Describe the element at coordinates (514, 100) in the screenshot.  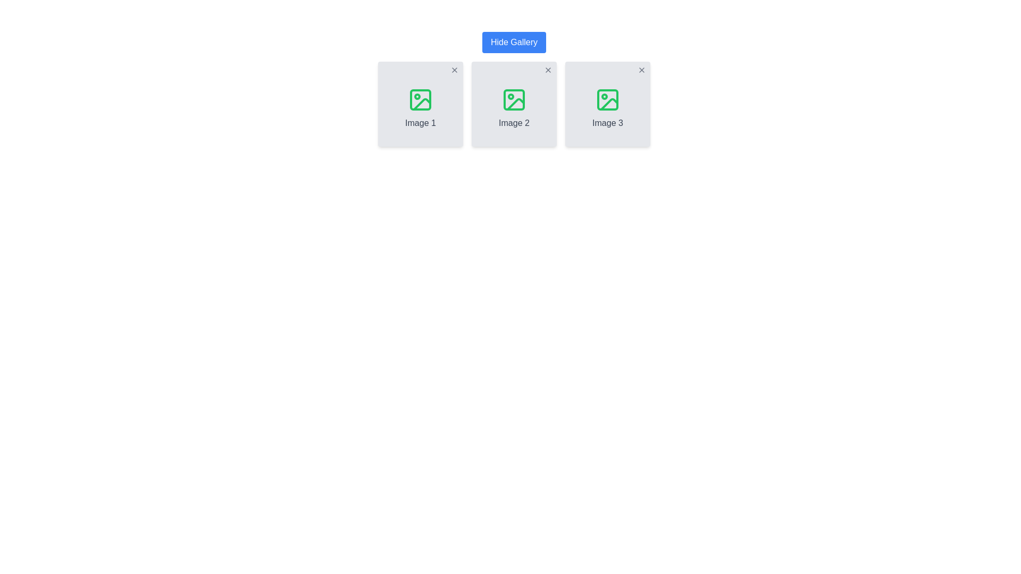
I see `the icon representing 'Image 2', which is centrally located within the second of three horizontally aligned containers below the blue button labeled 'Hide Gallery'` at that location.